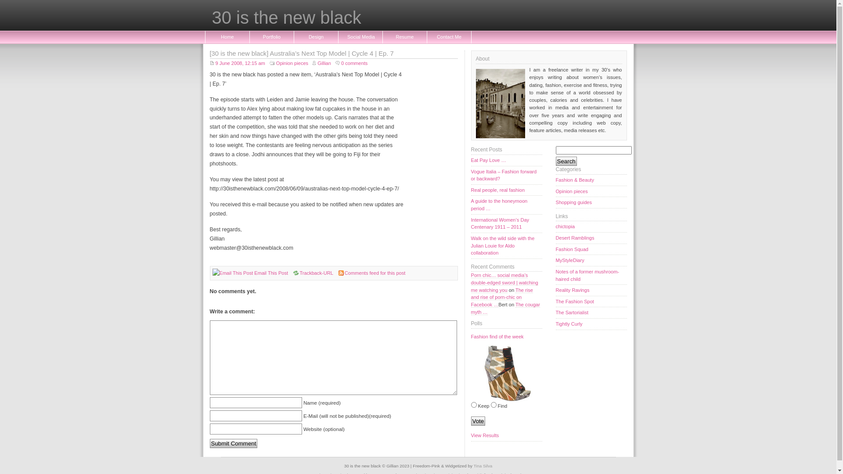 This screenshot has height=474, width=843. What do you see at coordinates (404, 36) in the screenshot?
I see `'Resume'` at bounding box center [404, 36].